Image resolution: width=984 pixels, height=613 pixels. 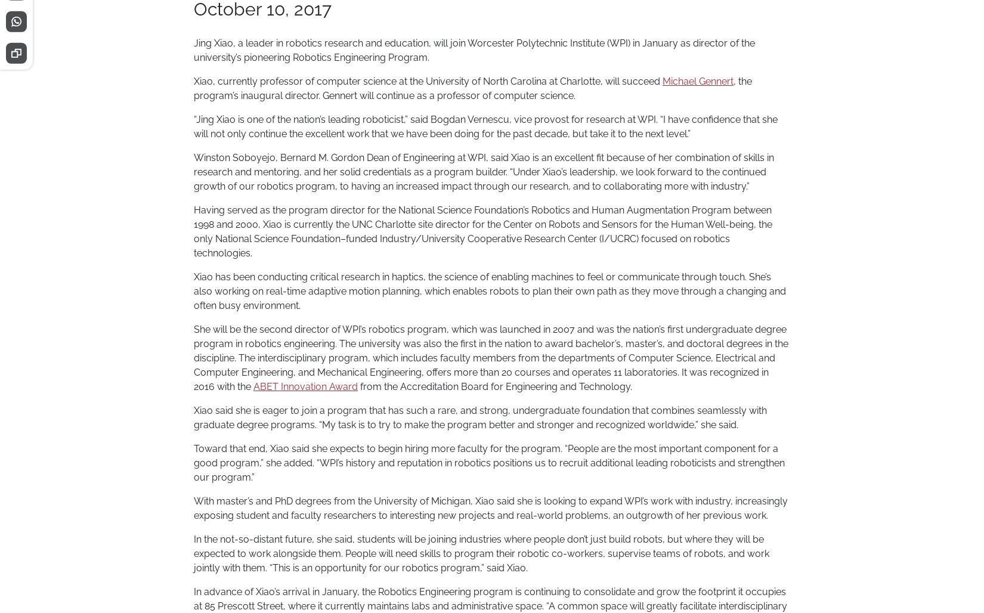 I want to click on 'Xiao, currently professor of computer science at the University of North Carolina at Charlotte, will succeed', so click(x=428, y=81).